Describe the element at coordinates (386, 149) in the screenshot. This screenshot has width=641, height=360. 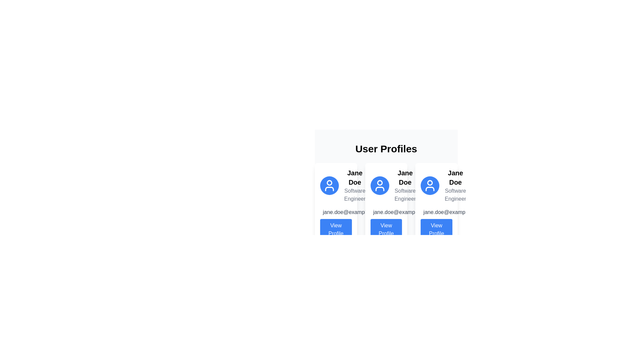
I see `the 'User Profiles' heading text element, which is bold and large, located at the top of the user profile section` at that location.